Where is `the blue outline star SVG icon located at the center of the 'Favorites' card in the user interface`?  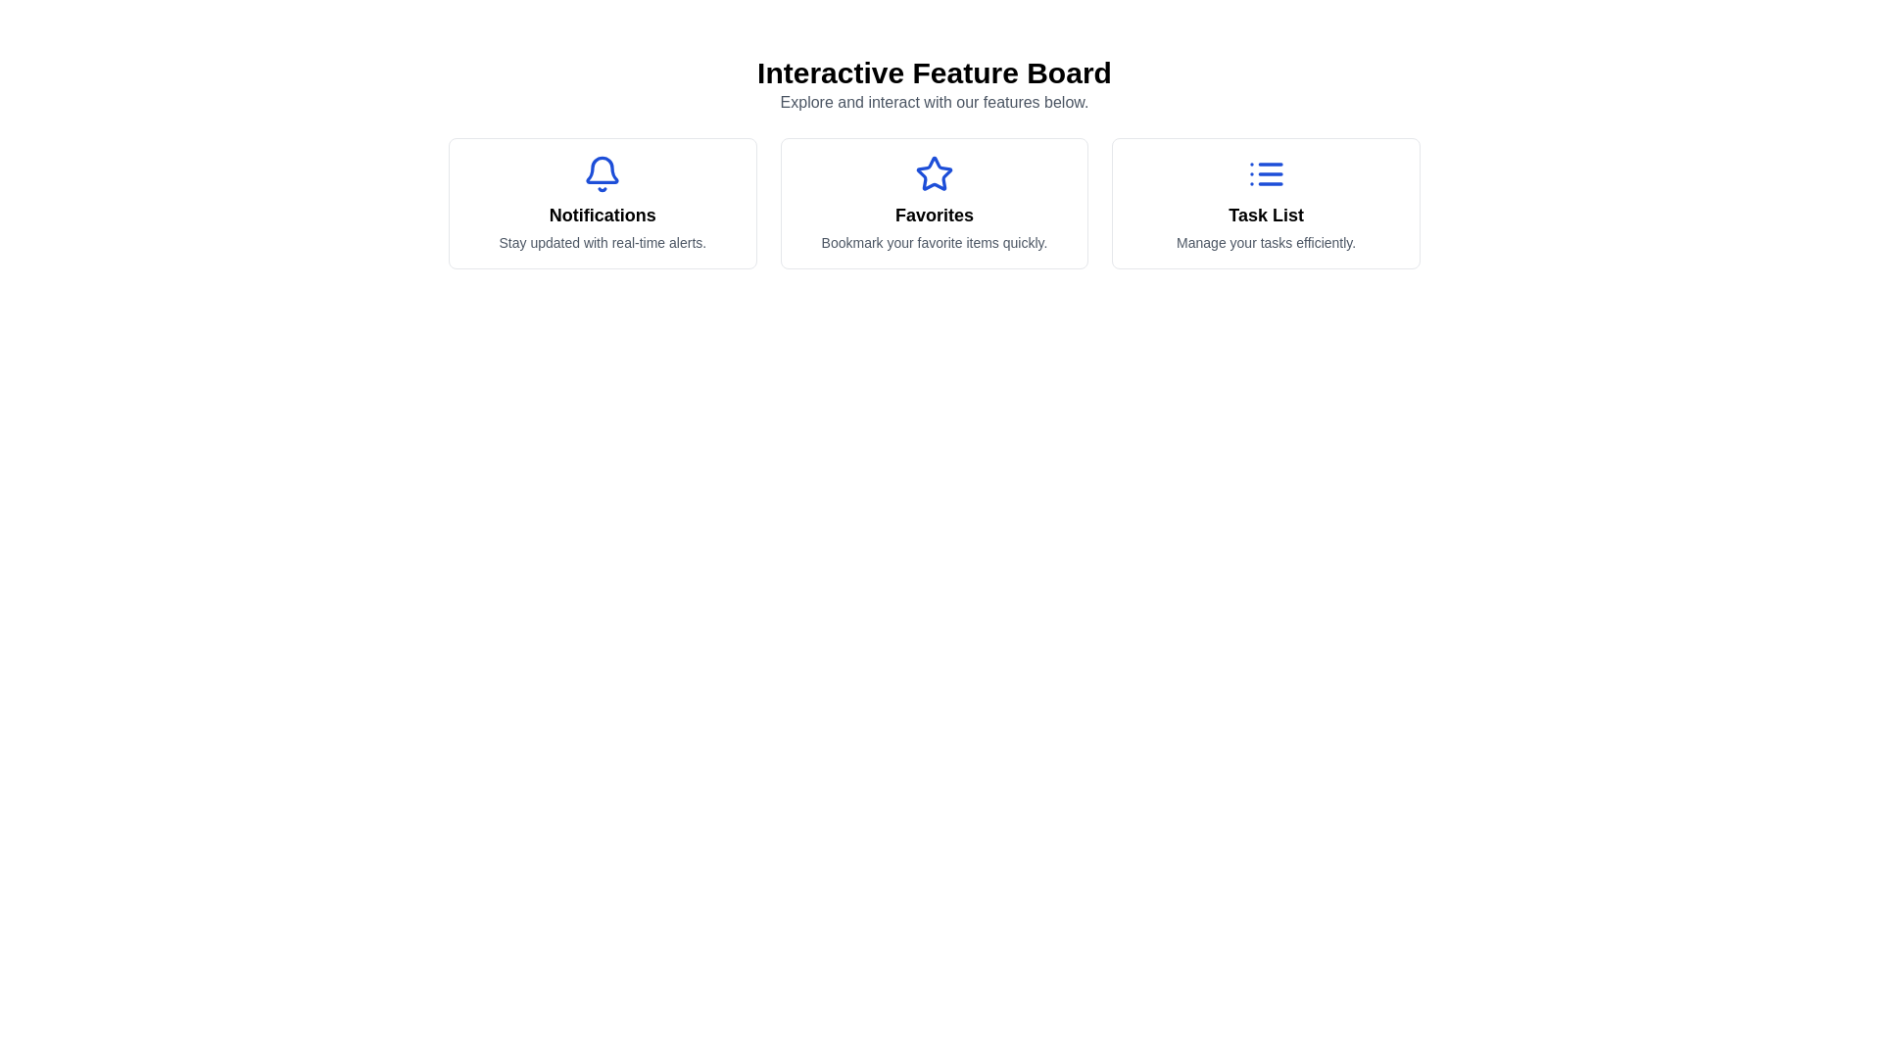
the blue outline star SVG icon located at the center of the 'Favorites' card in the user interface is located at coordinates (934, 172).